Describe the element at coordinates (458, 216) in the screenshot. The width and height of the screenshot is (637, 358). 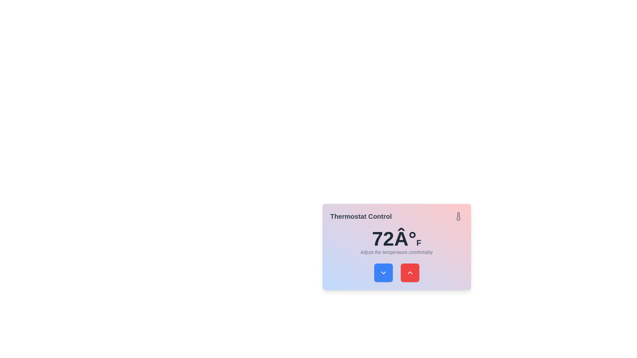
I see `the inner scale of the thermometer icon located at the top-right corner of the 'Thermostat Control' card` at that location.